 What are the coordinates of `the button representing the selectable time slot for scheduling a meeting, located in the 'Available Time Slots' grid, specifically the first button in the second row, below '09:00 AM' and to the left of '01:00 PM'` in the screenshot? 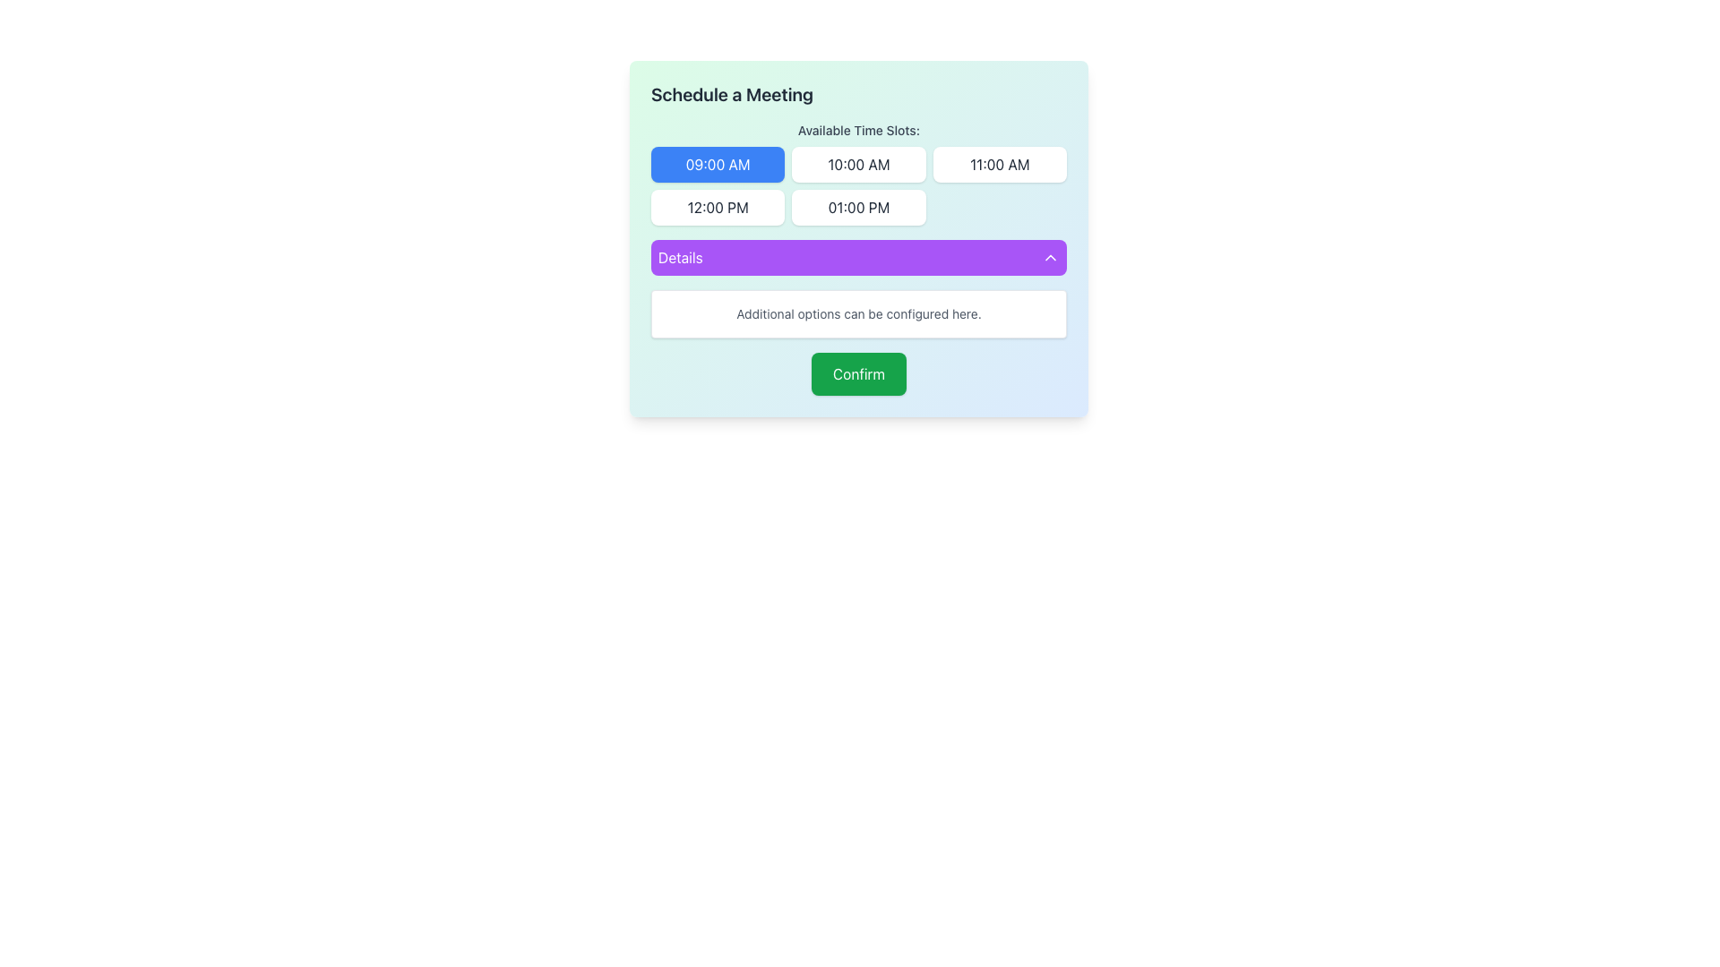 It's located at (718, 206).